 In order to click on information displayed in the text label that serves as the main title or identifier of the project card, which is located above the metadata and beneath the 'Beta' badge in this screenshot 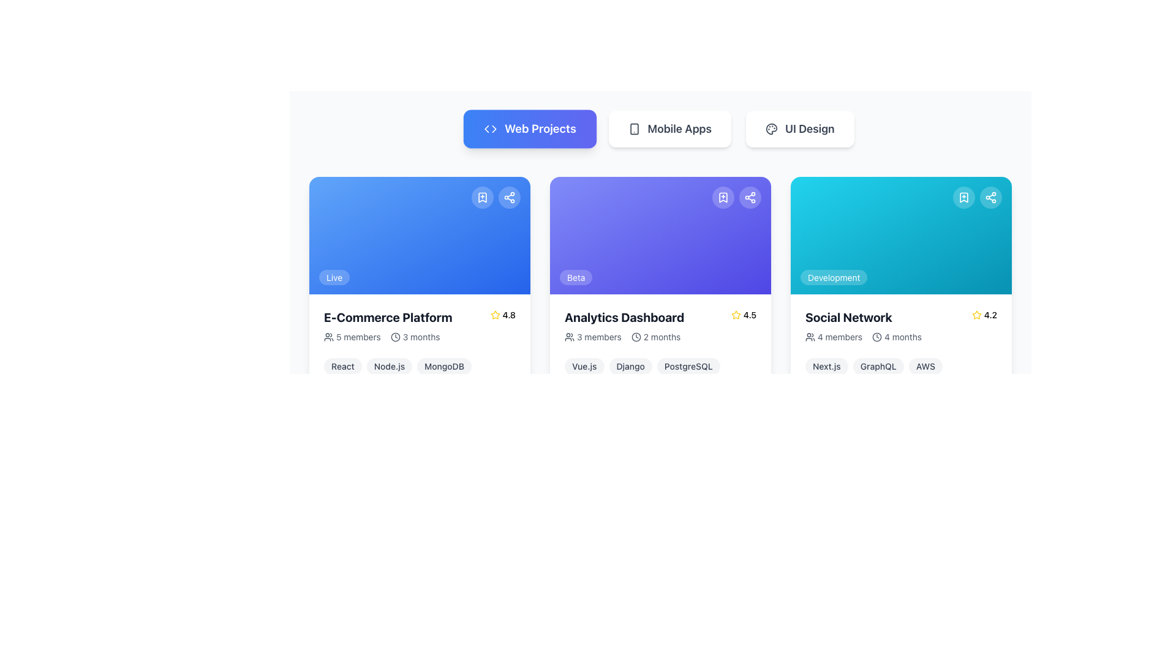, I will do `click(624, 317)`.